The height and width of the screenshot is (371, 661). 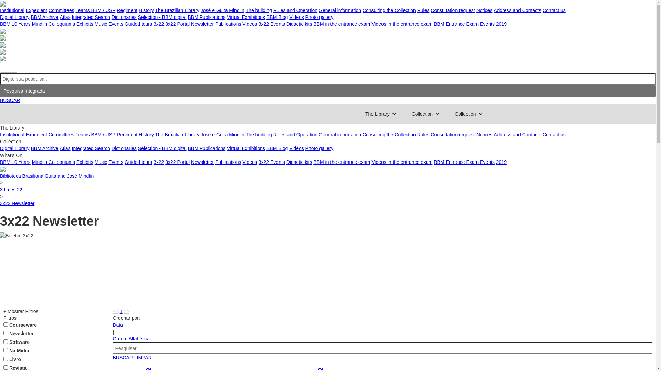 What do you see at coordinates (295, 10) in the screenshot?
I see `'Rules and Operation'` at bounding box center [295, 10].